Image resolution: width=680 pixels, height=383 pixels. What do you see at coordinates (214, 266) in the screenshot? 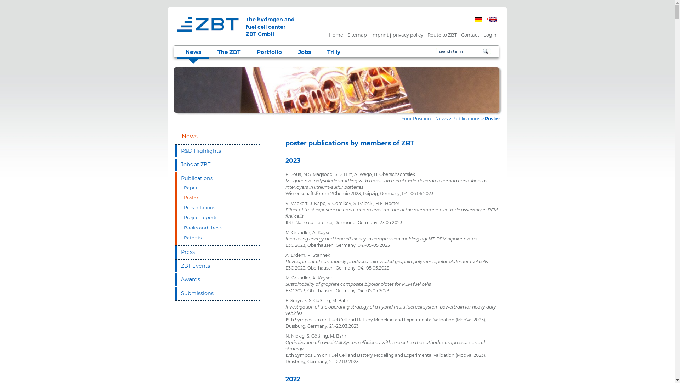
I see `'ZBT Events'` at bounding box center [214, 266].